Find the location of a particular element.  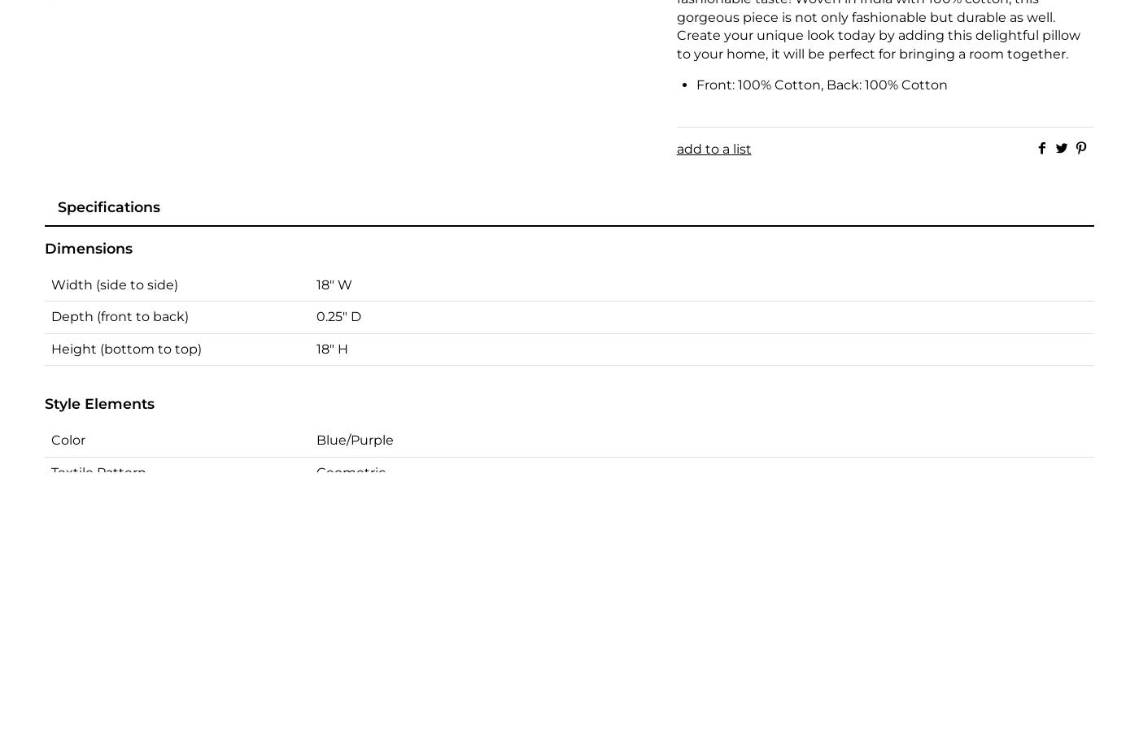

'Origin' is located at coordinates (71, 654).